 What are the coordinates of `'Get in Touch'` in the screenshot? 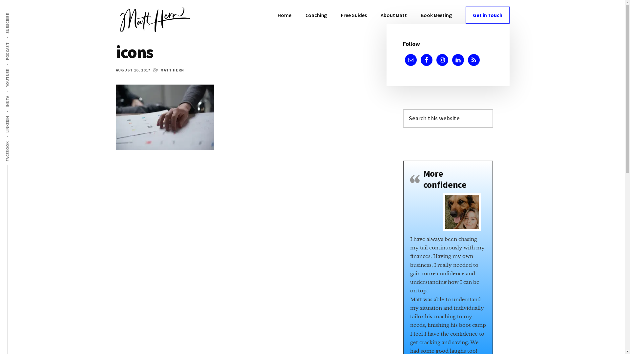 It's located at (487, 15).